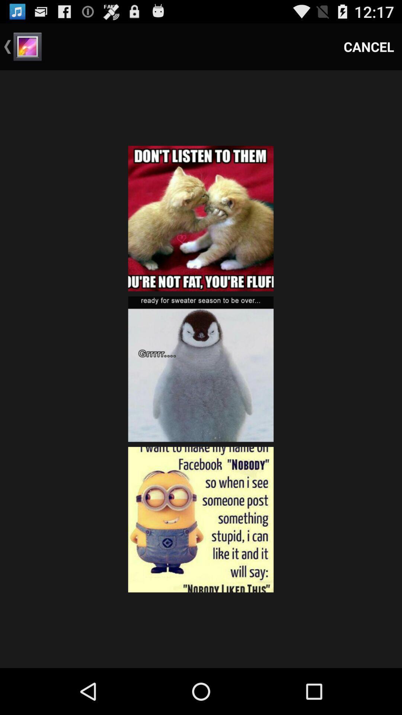 This screenshot has width=402, height=715. What do you see at coordinates (369, 46) in the screenshot?
I see `the cancel at the top right corner` at bounding box center [369, 46].